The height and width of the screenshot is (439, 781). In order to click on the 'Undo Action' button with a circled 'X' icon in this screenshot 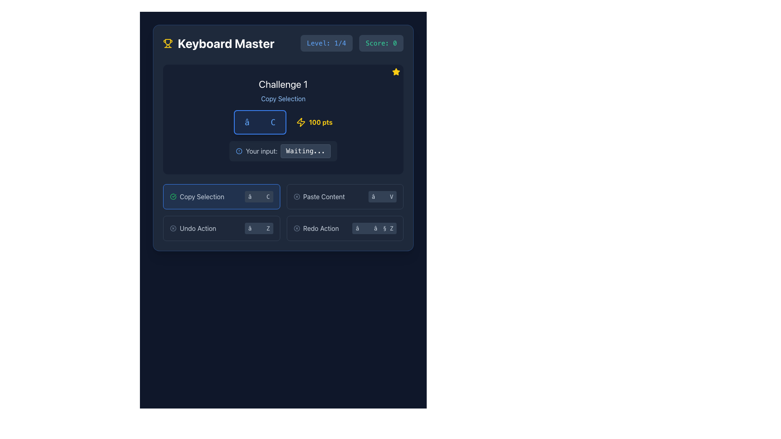, I will do `click(192, 228)`.